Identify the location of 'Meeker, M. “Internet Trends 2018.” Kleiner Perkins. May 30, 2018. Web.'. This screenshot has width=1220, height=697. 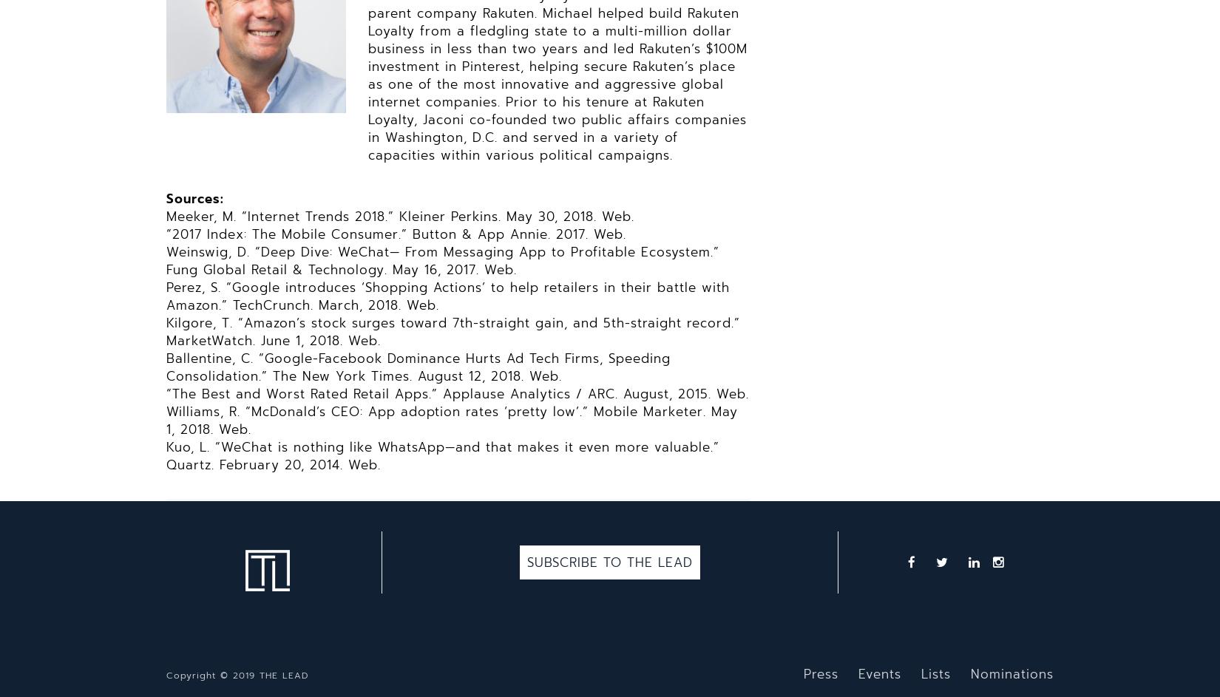
(399, 215).